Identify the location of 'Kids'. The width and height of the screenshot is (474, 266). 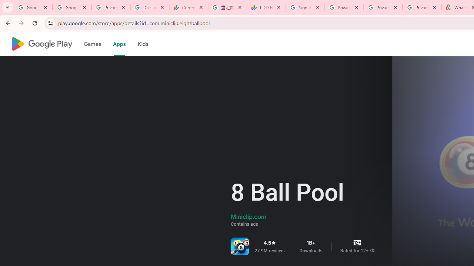
(143, 44).